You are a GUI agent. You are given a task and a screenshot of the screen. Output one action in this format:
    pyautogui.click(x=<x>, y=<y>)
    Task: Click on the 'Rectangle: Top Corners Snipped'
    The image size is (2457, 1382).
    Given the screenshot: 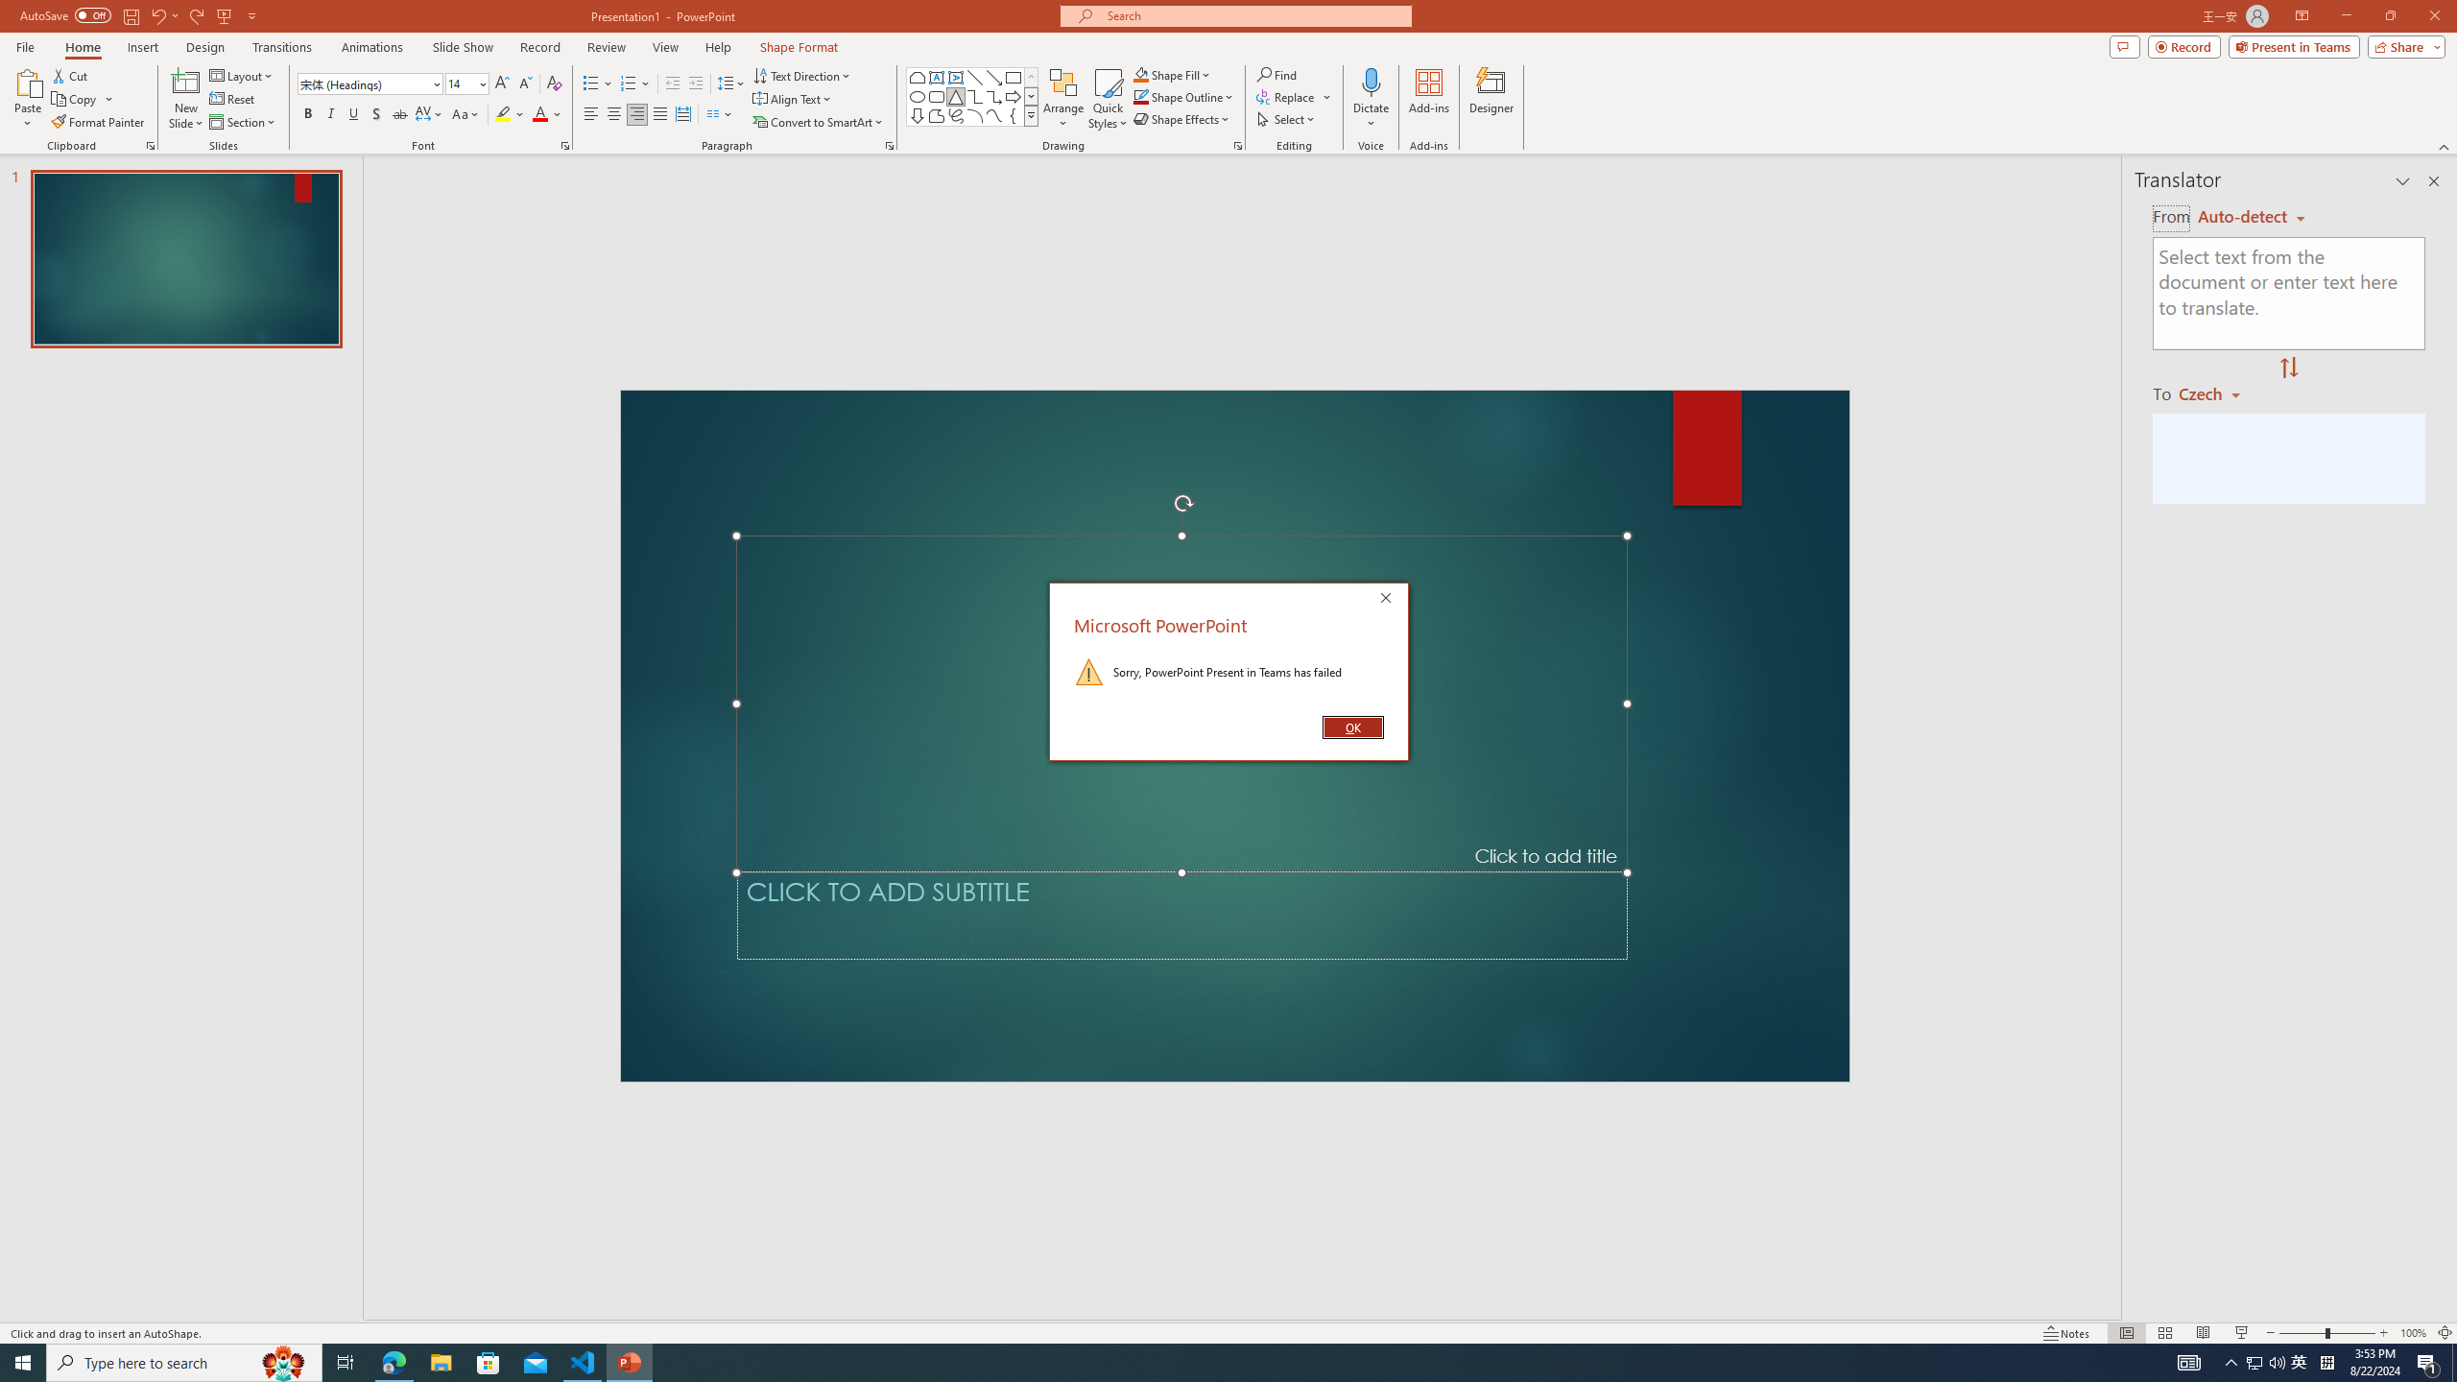 What is the action you would take?
    pyautogui.click(x=917, y=77)
    